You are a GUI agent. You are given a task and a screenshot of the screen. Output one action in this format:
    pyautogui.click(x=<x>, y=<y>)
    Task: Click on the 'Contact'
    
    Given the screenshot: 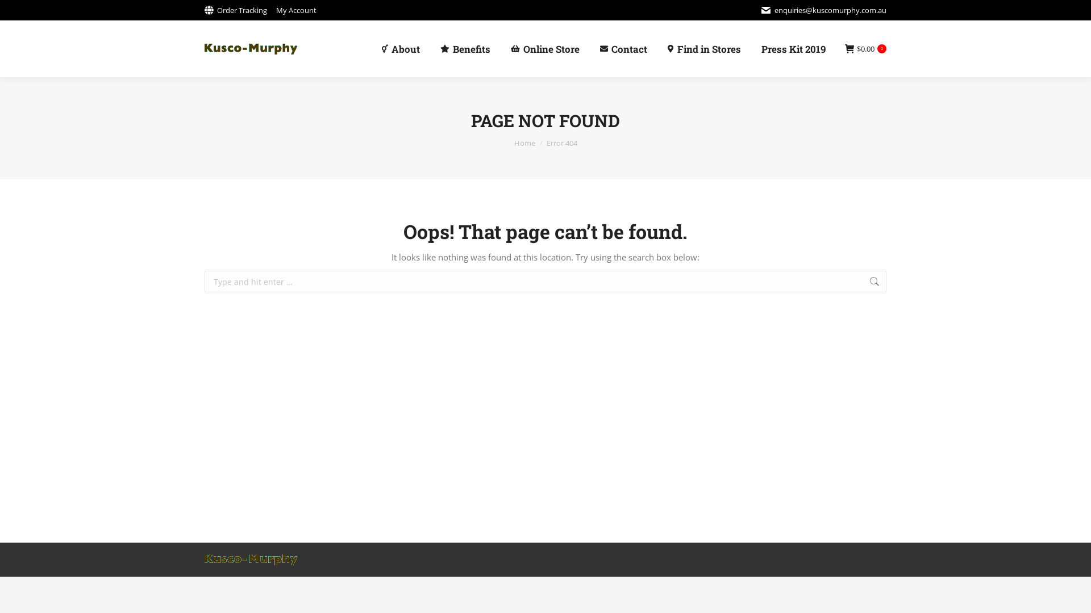 What is the action you would take?
    pyautogui.click(x=623, y=48)
    